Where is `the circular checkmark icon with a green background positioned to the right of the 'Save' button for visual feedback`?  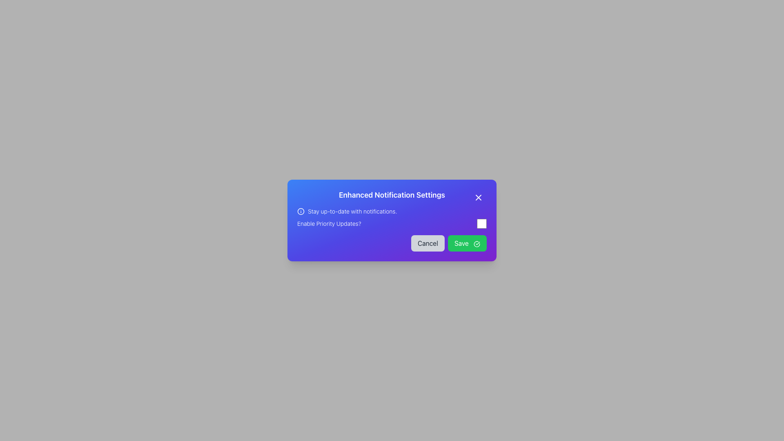 the circular checkmark icon with a green background positioned to the right of the 'Save' button for visual feedback is located at coordinates (477, 243).